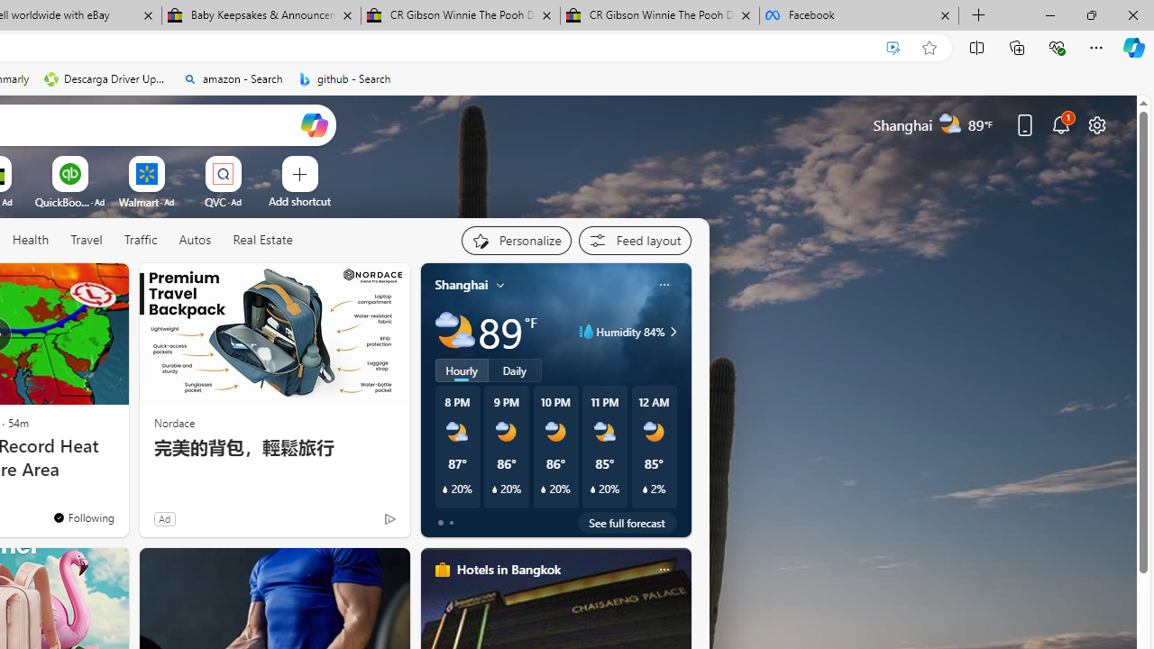  What do you see at coordinates (140, 240) in the screenshot?
I see `'Traffic'` at bounding box center [140, 240].